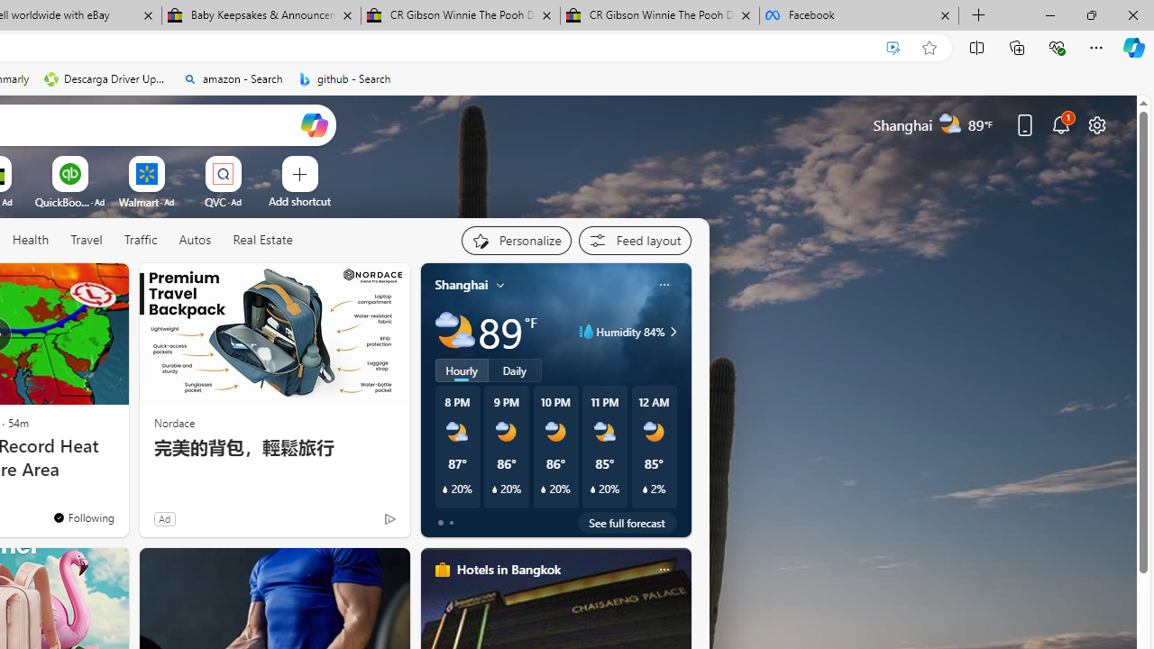  What do you see at coordinates (140, 240) in the screenshot?
I see `'Traffic'` at bounding box center [140, 240].